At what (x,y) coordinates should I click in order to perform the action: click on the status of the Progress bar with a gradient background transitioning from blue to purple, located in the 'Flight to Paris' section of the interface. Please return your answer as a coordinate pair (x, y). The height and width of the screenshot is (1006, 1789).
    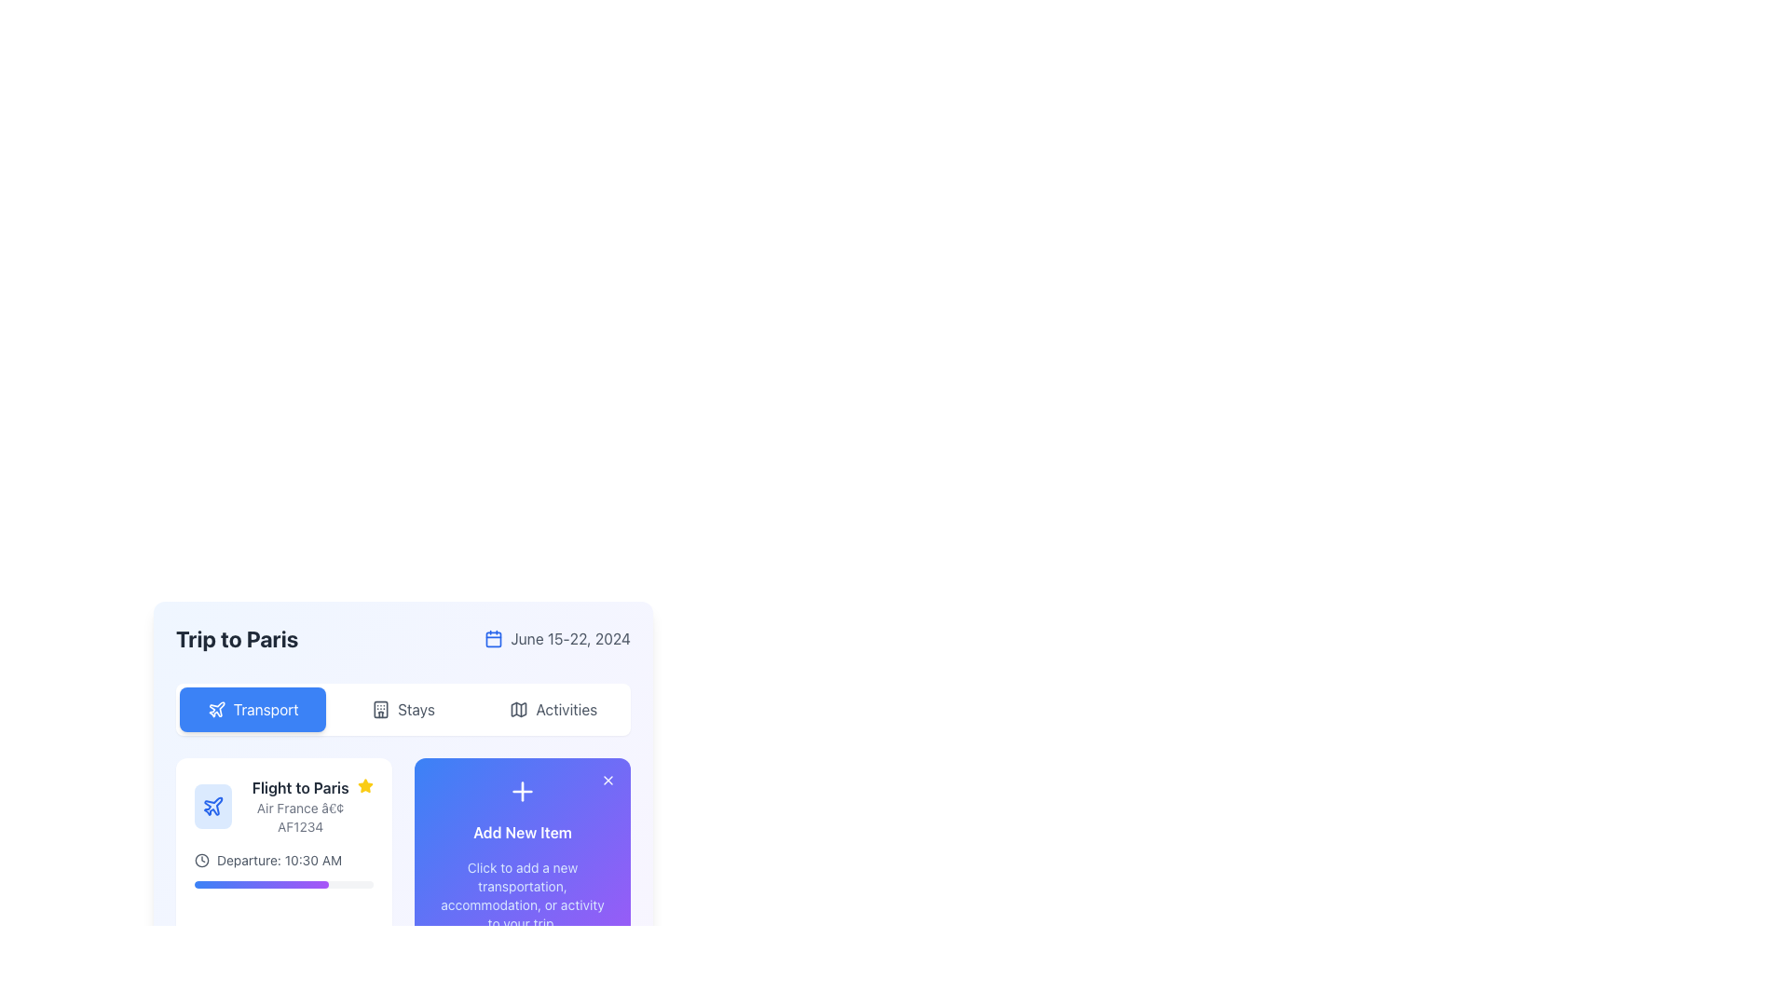
    Looking at the image, I should click on (261, 883).